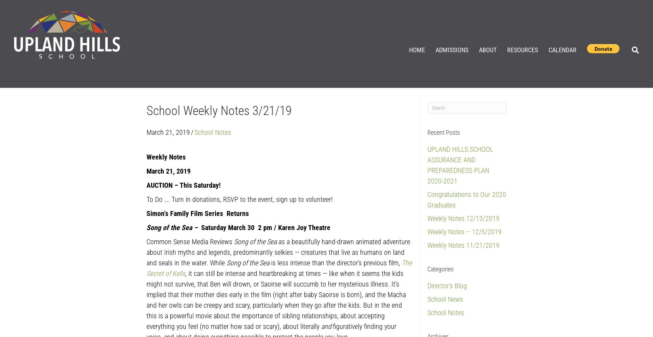 Image resolution: width=653 pixels, height=337 pixels. Describe the element at coordinates (562, 49) in the screenshot. I see `'Calendar'` at that location.